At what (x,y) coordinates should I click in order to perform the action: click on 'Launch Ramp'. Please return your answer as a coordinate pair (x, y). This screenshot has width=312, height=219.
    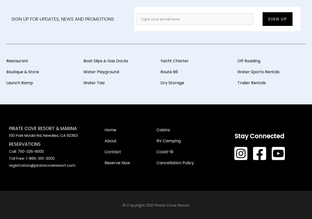
    Looking at the image, I should click on (19, 82).